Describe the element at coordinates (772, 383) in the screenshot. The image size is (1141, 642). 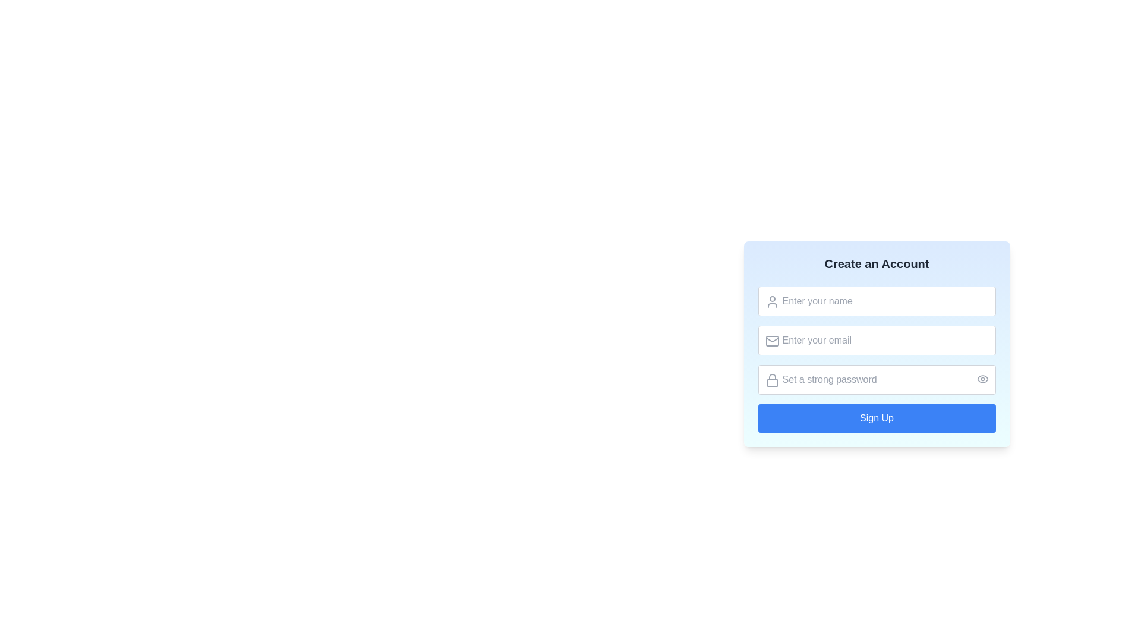
I see `the lower rectangle of the lock icon, which is stylized with a gray outline and is located to the left of the 'Set a strong password' input field in the 'Create an Account' form` at that location.